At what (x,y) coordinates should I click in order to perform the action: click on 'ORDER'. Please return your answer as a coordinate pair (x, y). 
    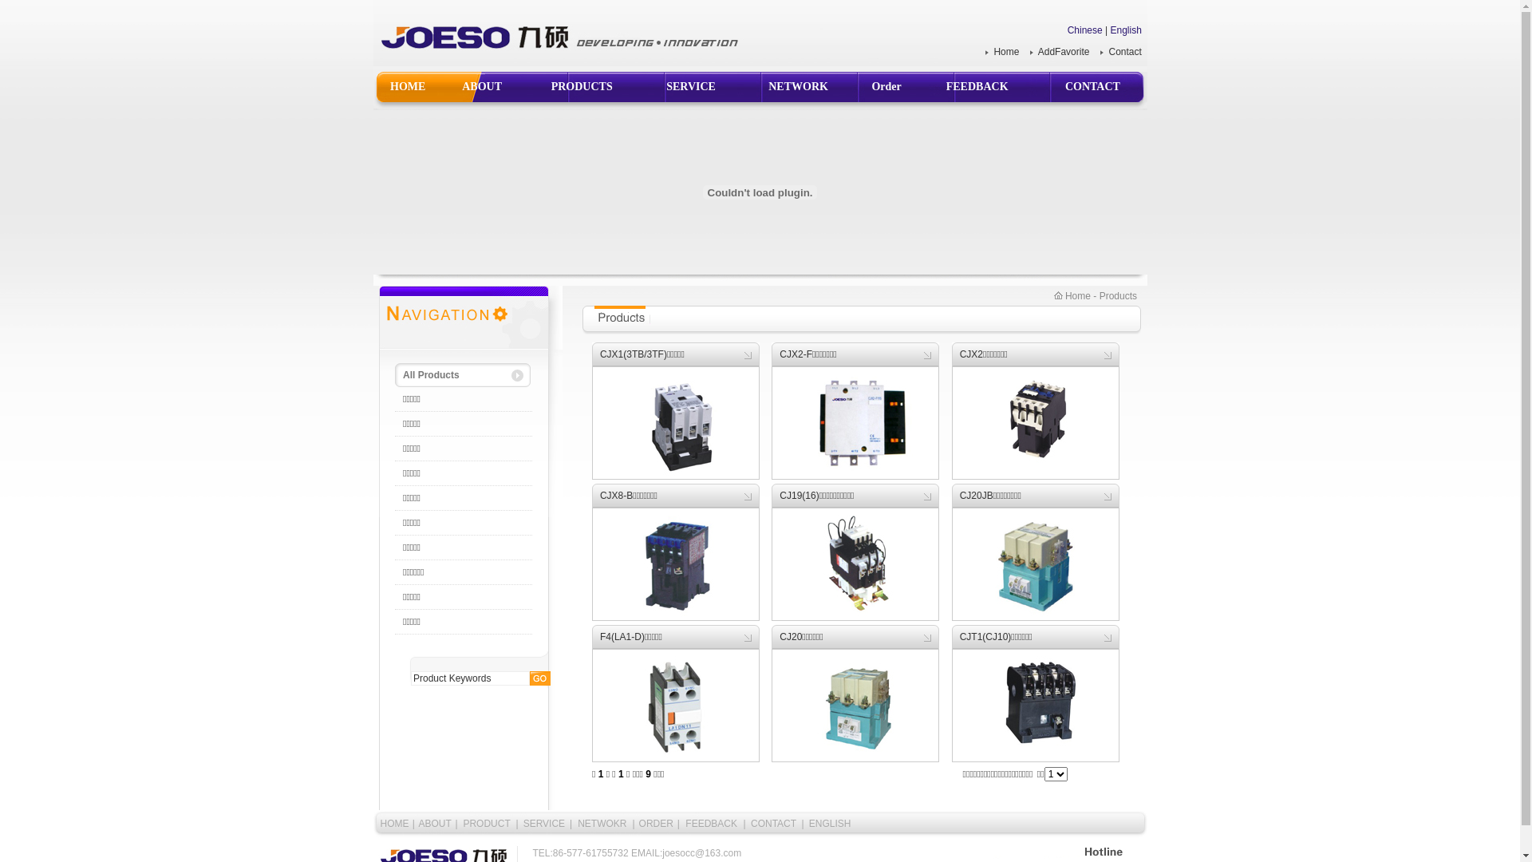
    Looking at the image, I should click on (656, 824).